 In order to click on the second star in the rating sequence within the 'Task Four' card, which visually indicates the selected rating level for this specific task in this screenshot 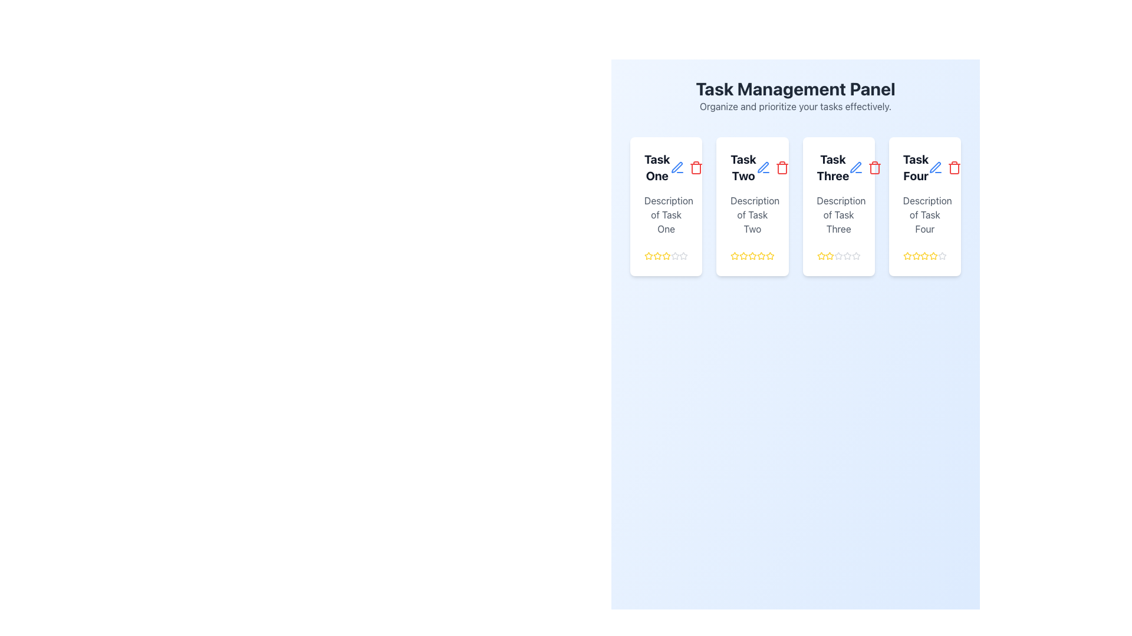, I will do `click(916, 256)`.